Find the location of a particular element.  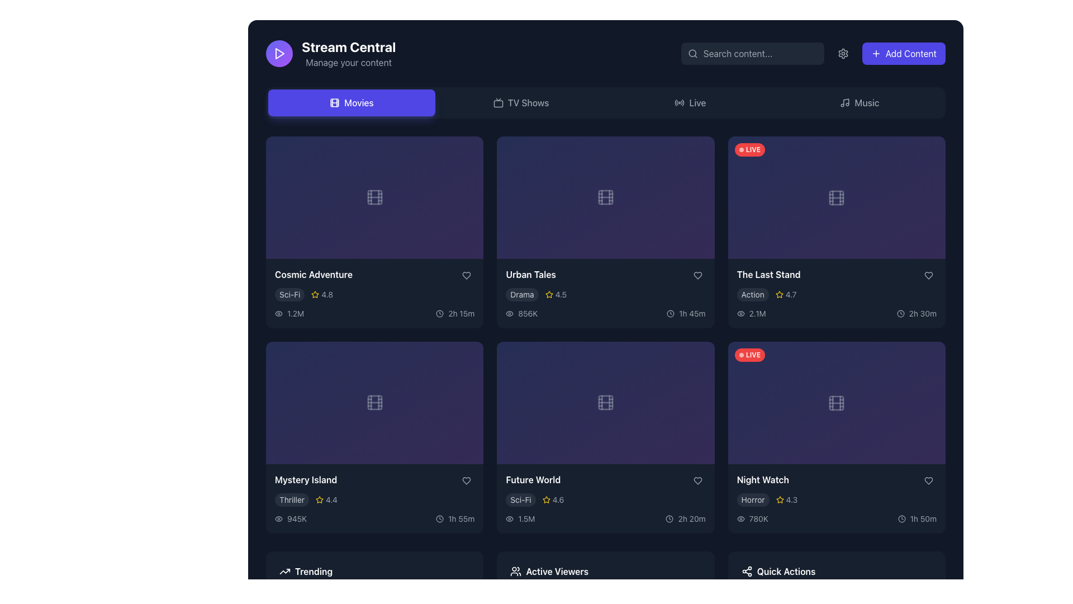

the playback button located in the center of the 'Urban Tales' card in the second row of the movie grid to play the content is located at coordinates (605, 240).